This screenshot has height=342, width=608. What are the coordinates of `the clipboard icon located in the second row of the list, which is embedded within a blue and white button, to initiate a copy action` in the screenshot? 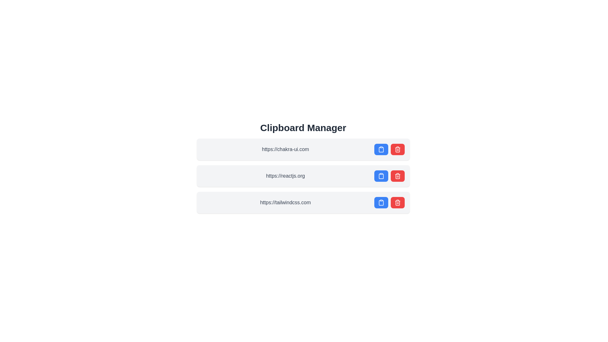 It's located at (381, 176).